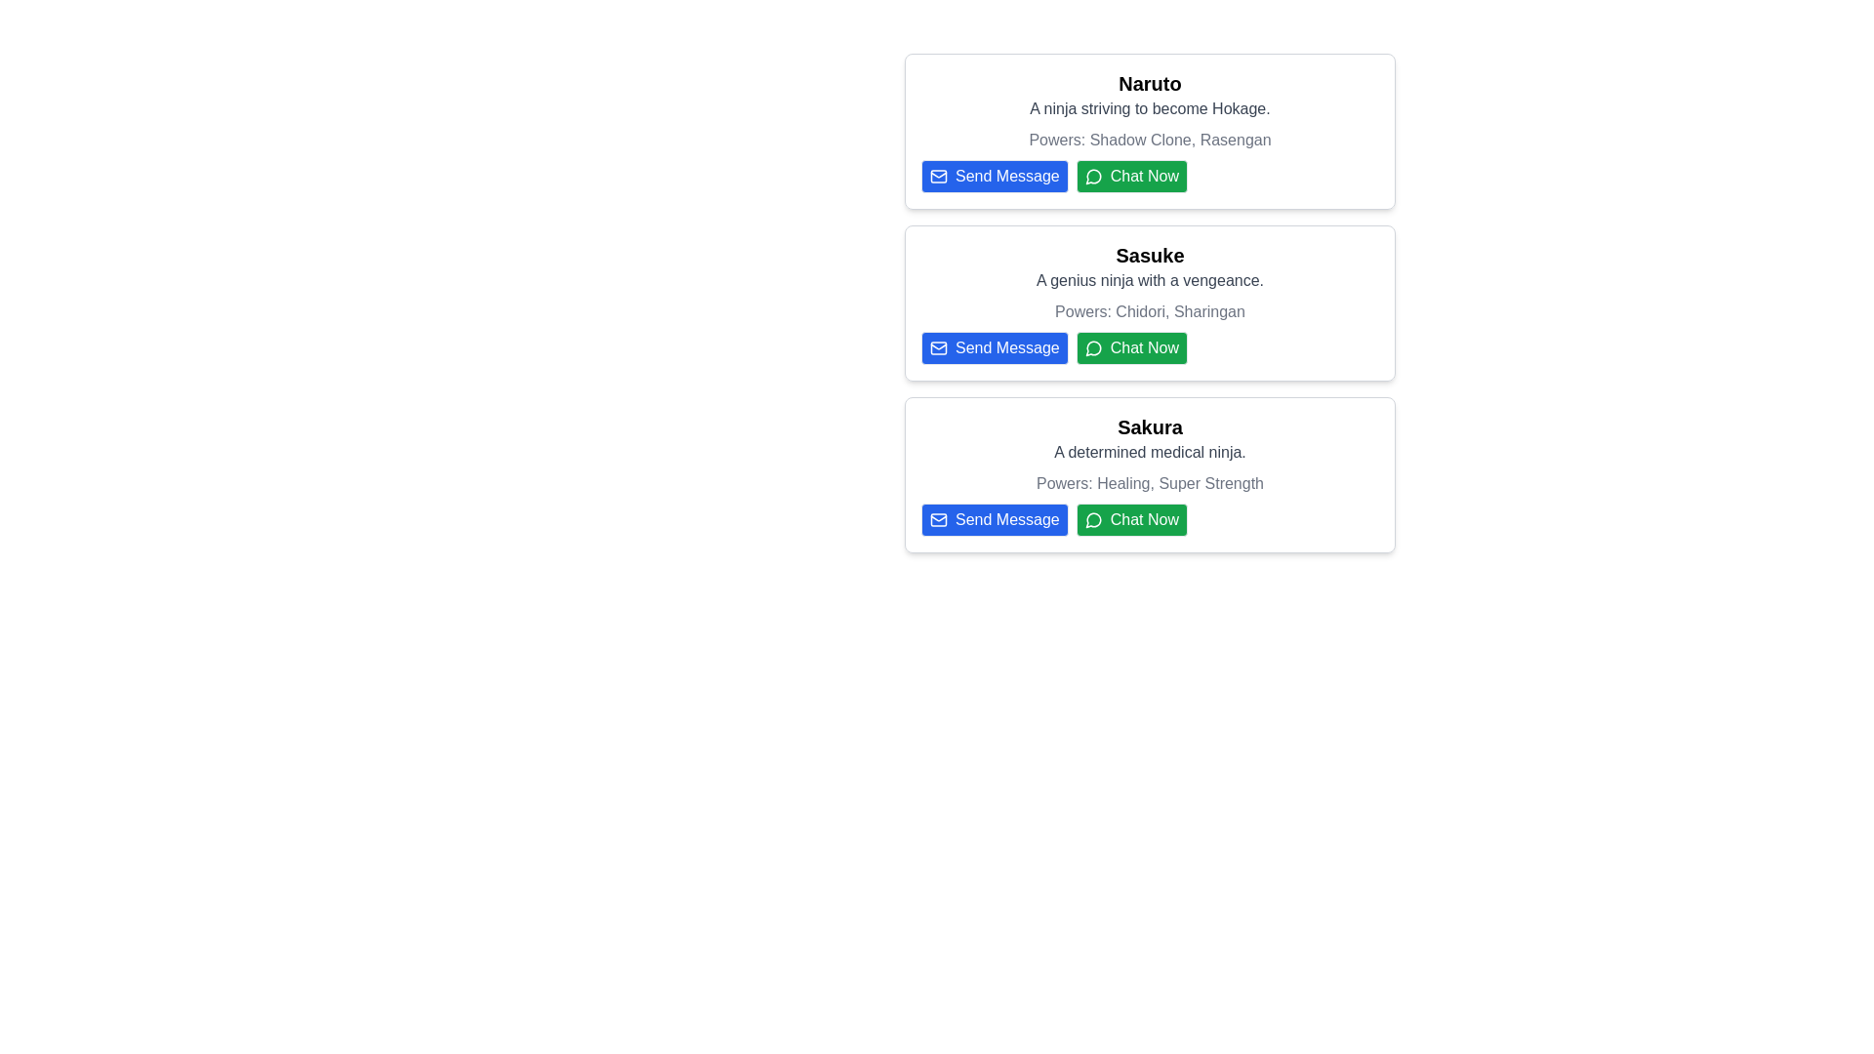 The image size is (1874, 1054). I want to click on the 'Sakura' text label located at the top of the third card in a vertical stack, so click(1150, 426).